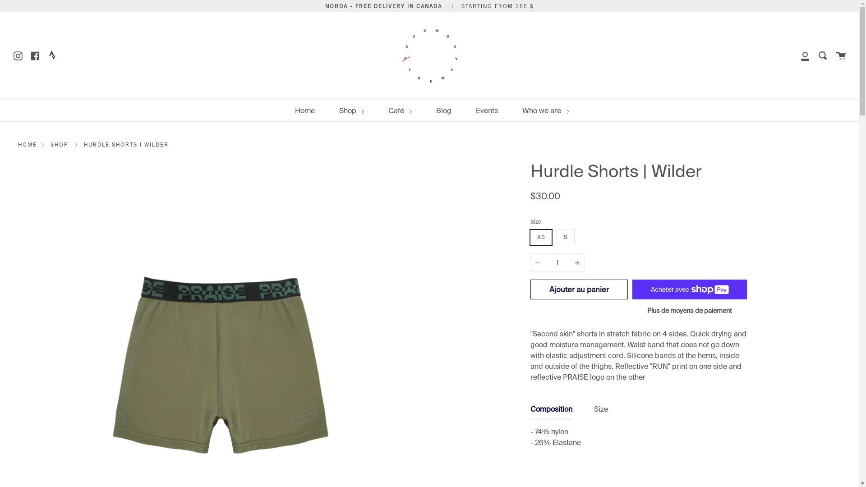 This screenshot has height=487, width=866. What do you see at coordinates (47, 56) in the screenshot?
I see `'Twitter'` at bounding box center [47, 56].